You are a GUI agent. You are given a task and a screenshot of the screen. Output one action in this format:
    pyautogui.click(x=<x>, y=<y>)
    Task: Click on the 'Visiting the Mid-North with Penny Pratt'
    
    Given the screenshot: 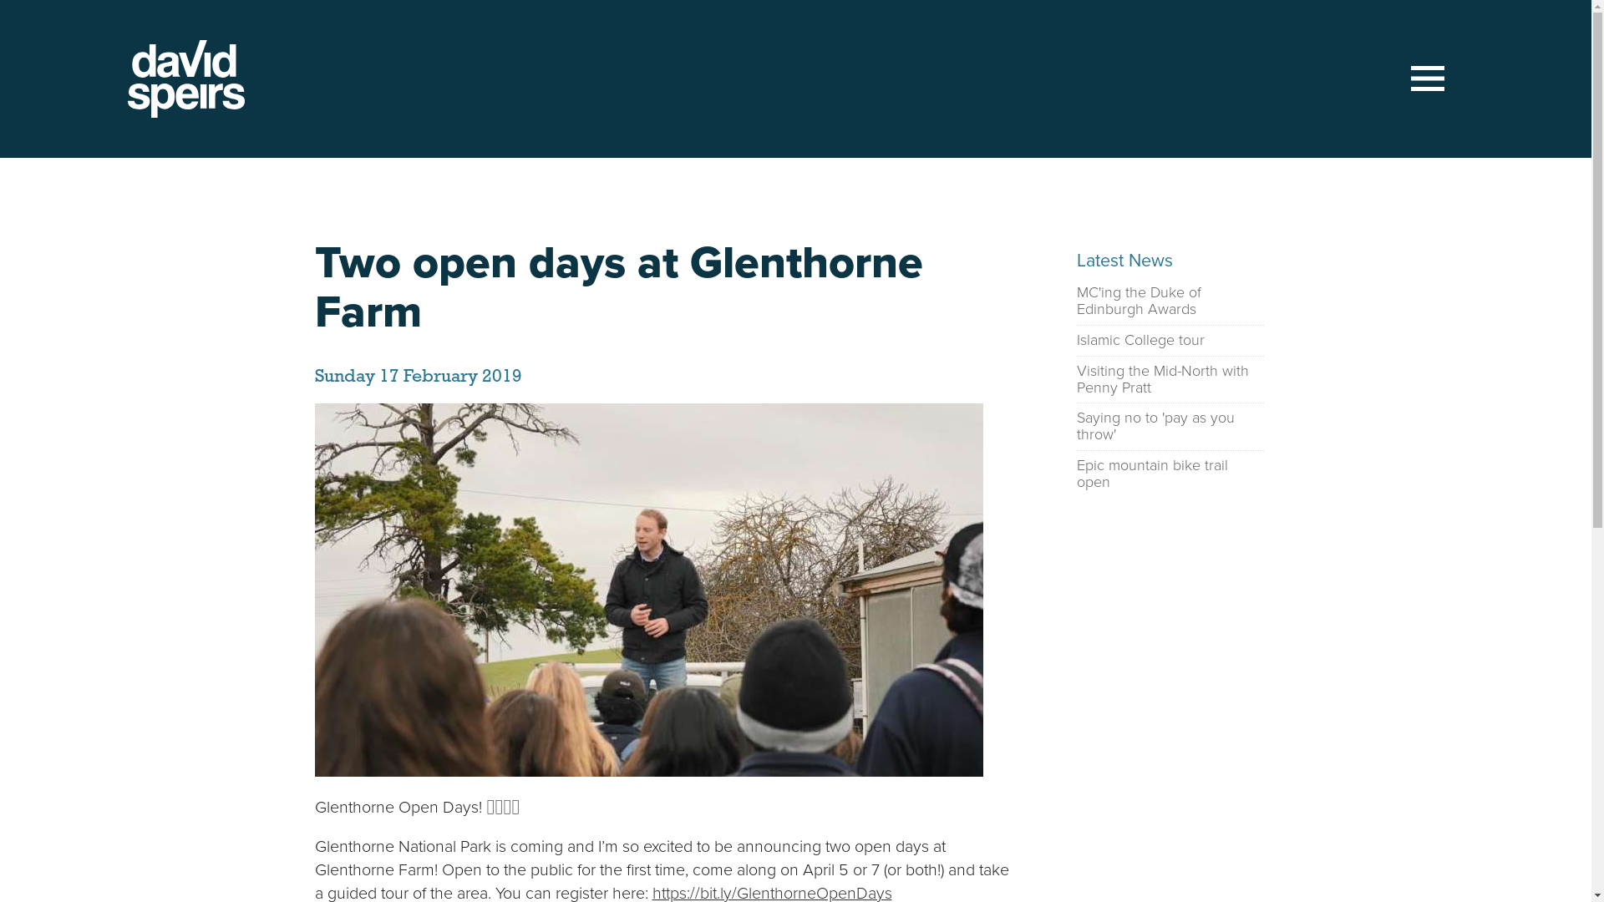 What is the action you would take?
    pyautogui.click(x=1075, y=380)
    